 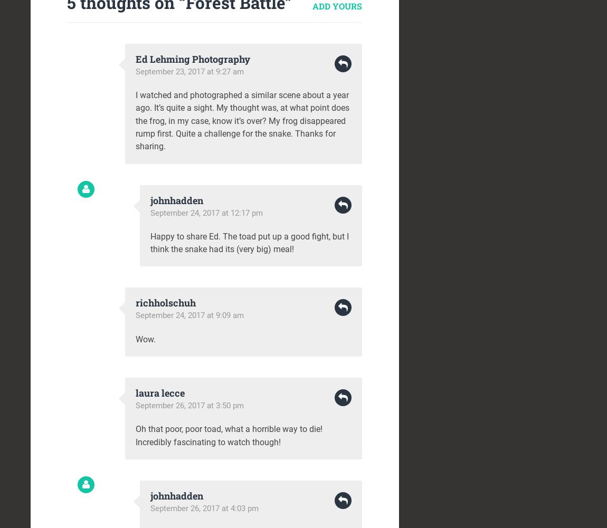 What do you see at coordinates (206, 212) in the screenshot?
I see `'September 24, 2017 at 12:17 pm'` at bounding box center [206, 212].